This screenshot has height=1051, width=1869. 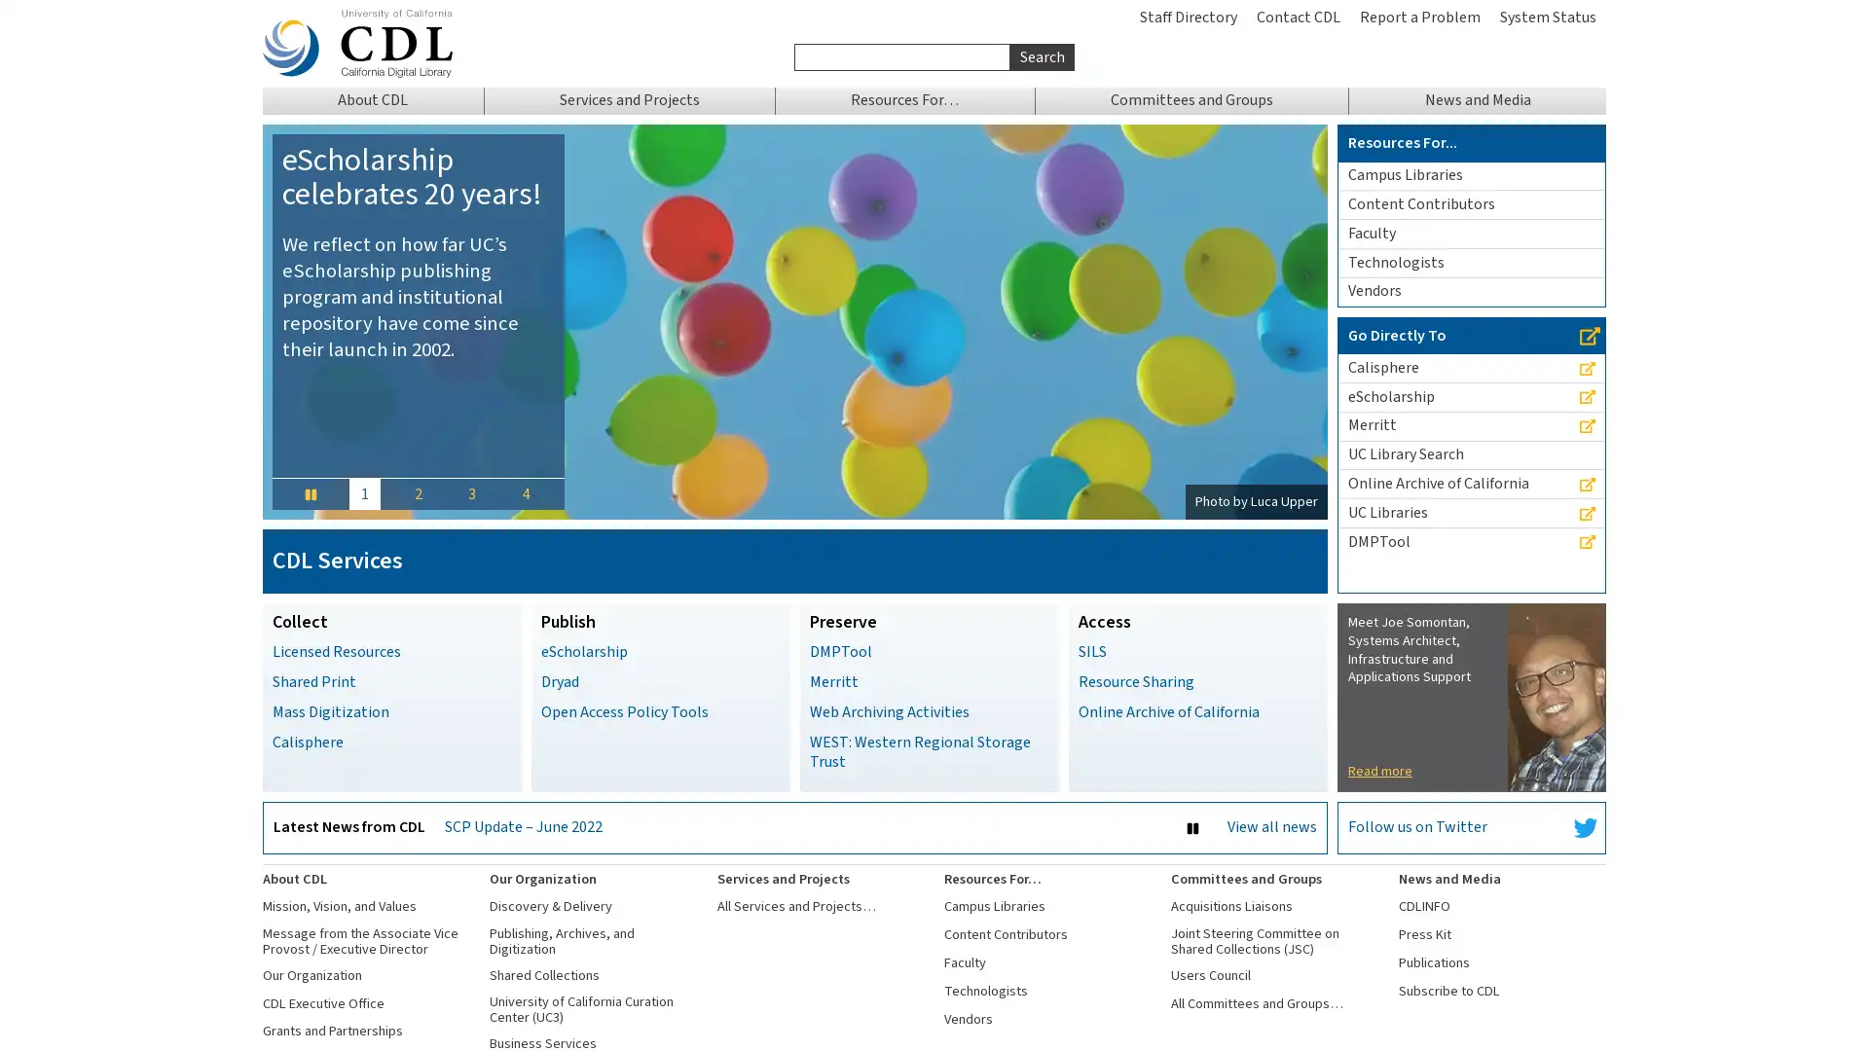 What do you see at coordinates (471, 491) in the screenshot?
I see `go to slide 3 of 4` at bounding box center [471, 491].